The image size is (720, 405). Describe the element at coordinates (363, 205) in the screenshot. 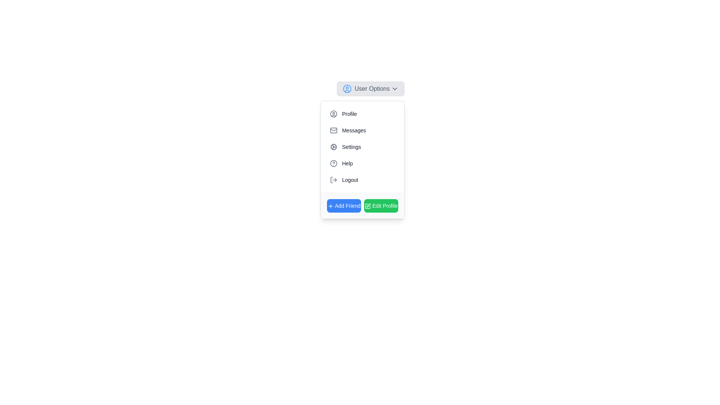

I see `the 'Add Friend' button, which is the left button in a group of two interactive buttons located at the bottom of the 'User Options' dropdown menu` at that location.